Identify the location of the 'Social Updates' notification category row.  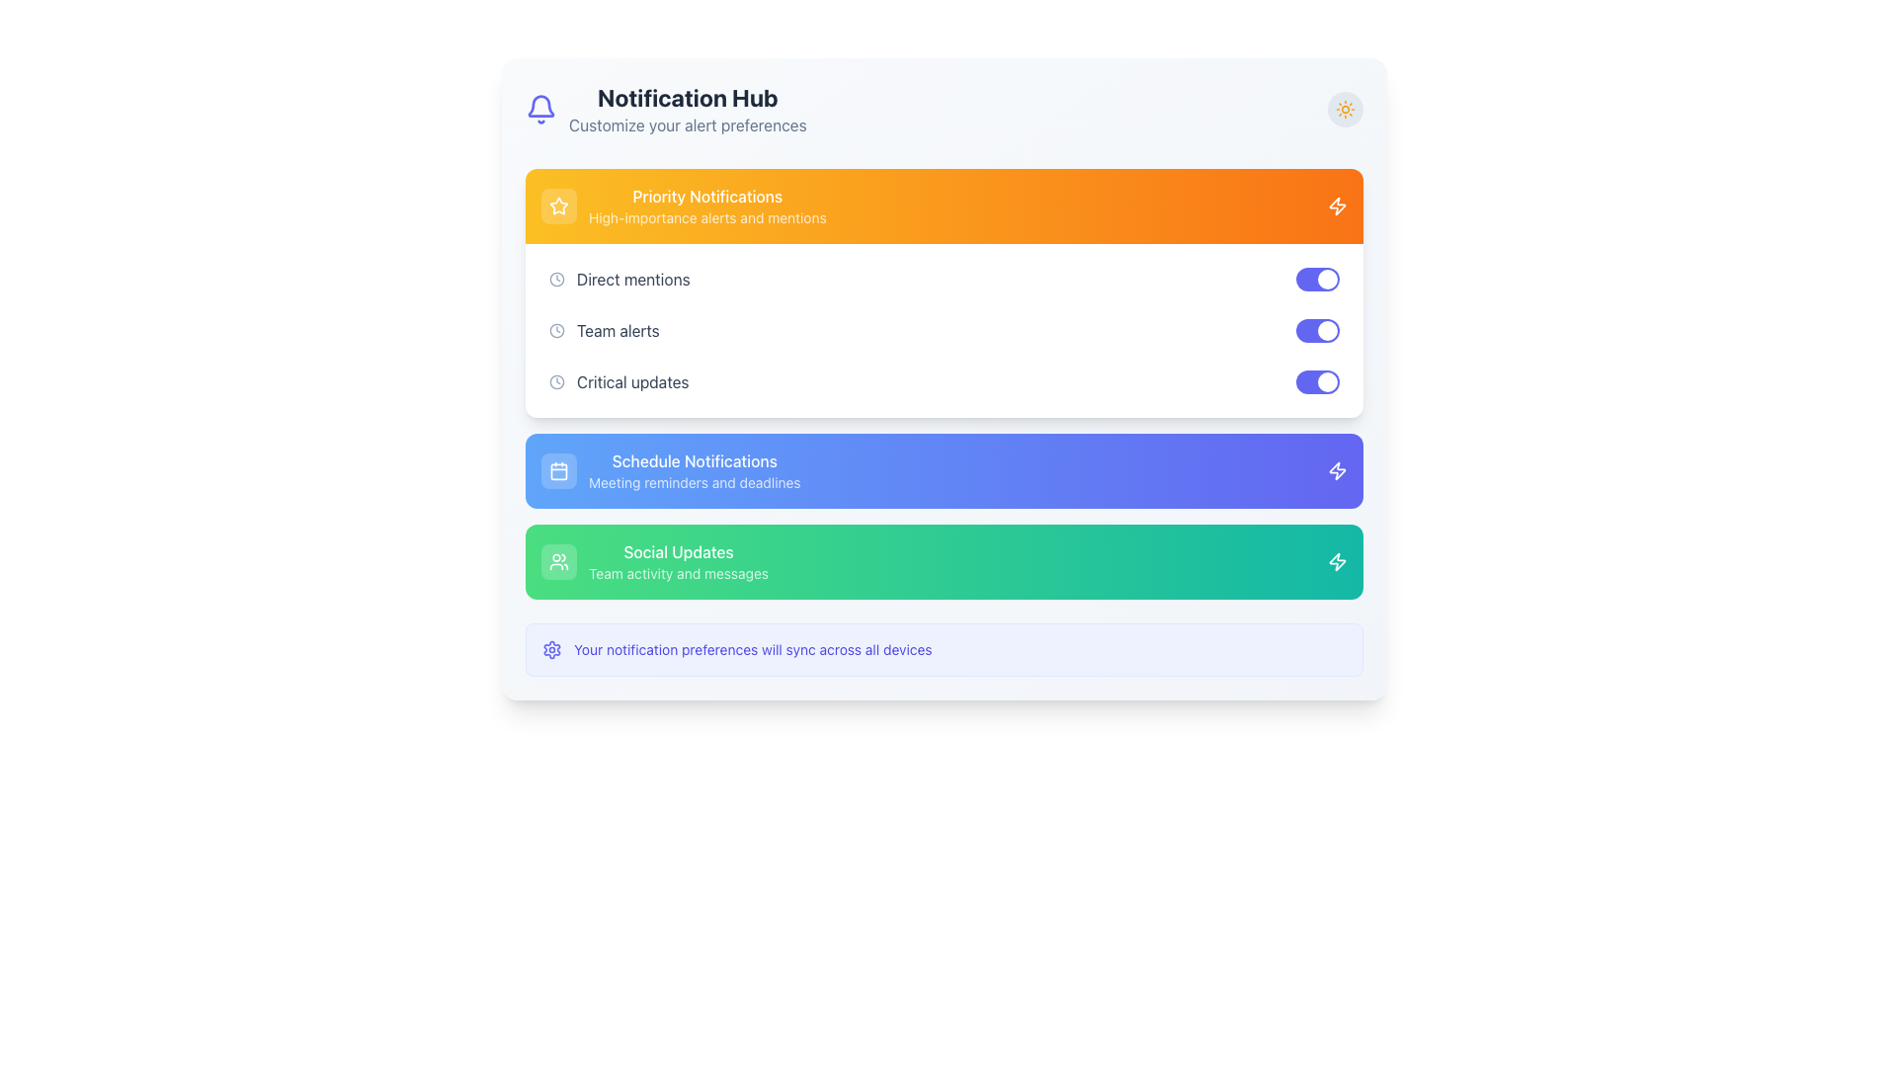
(943, 562).